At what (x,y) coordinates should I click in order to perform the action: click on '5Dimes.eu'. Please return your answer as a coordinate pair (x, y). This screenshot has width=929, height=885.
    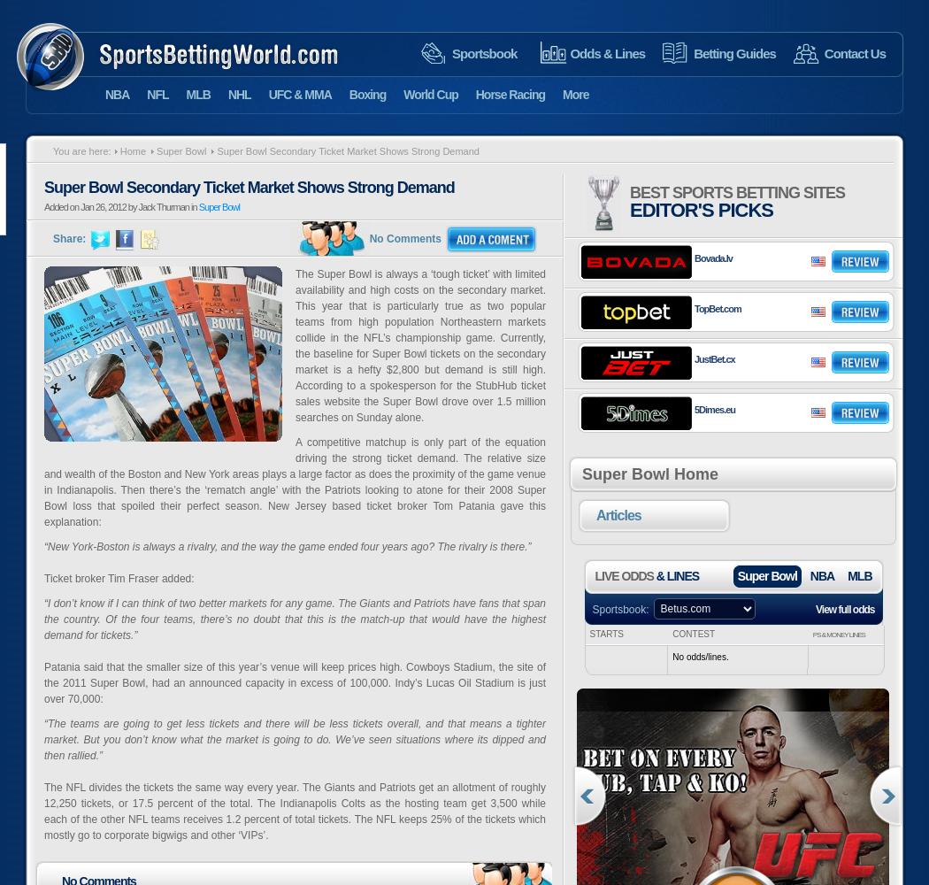
    Looking at the image, I should click on (713, 409).